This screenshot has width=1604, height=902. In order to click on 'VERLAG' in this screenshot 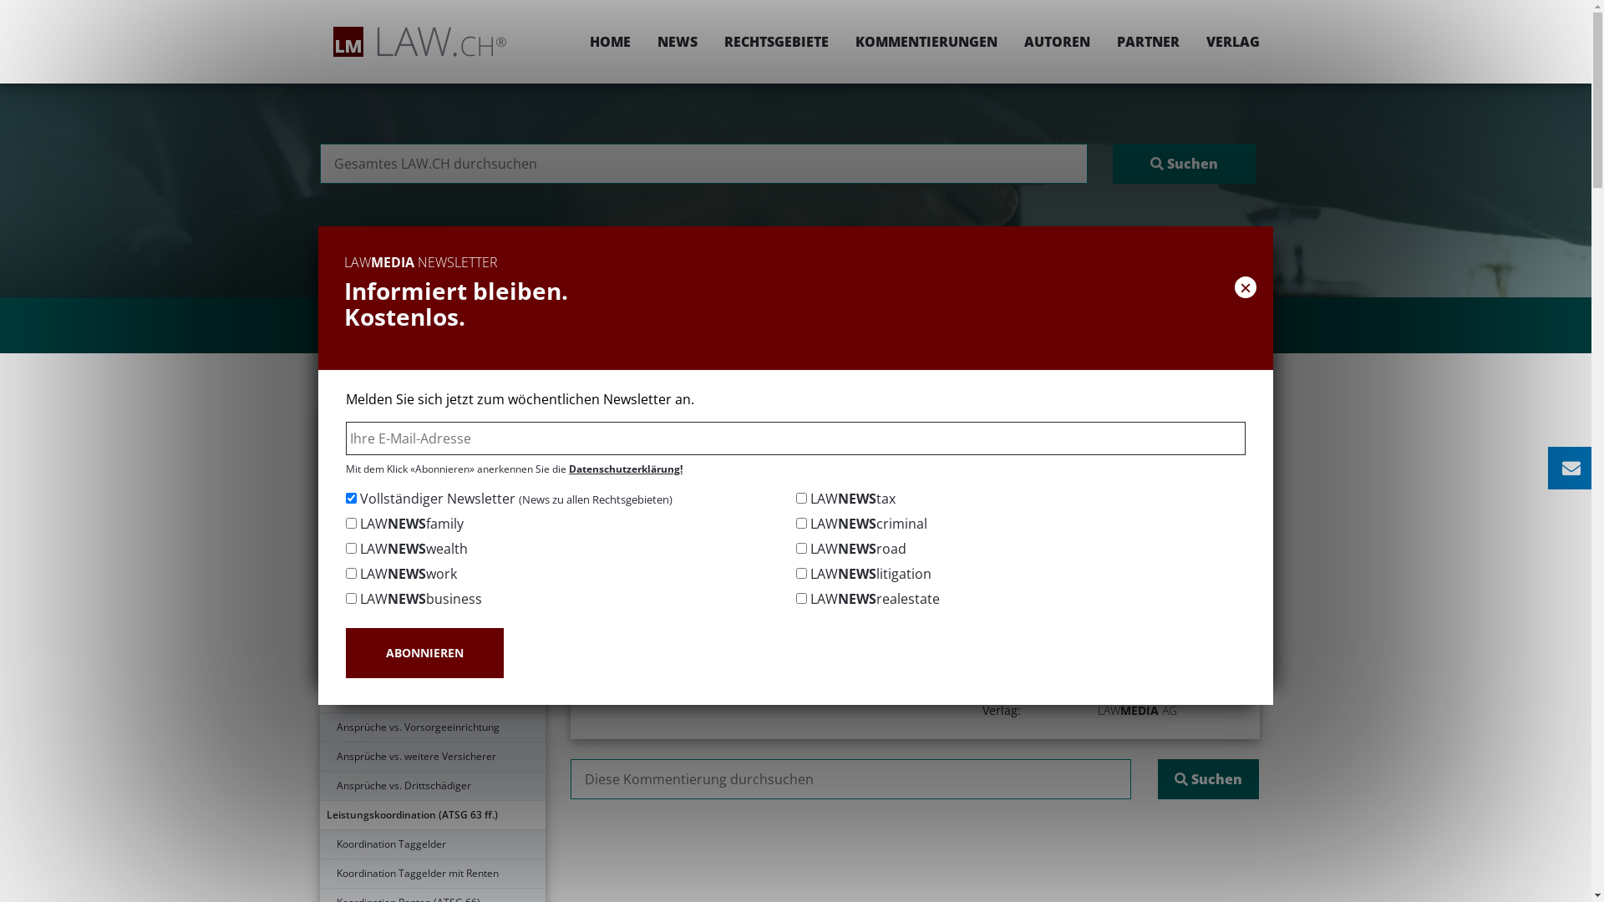, I will do `click(1226, 41)`.